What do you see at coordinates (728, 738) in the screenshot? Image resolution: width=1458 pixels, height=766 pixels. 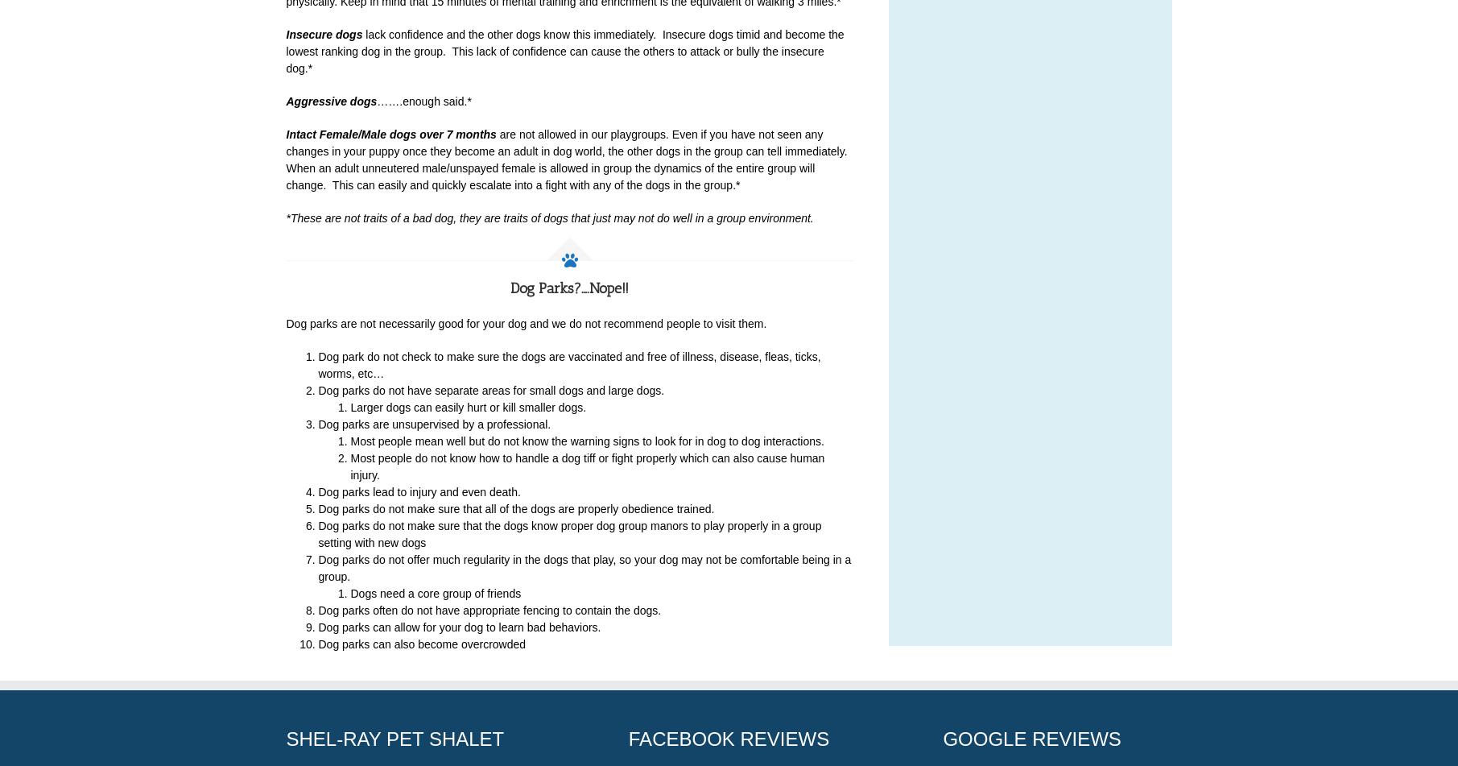 I see `'FACEBOOK REVIEWS'` at bounding box center [728, 738].